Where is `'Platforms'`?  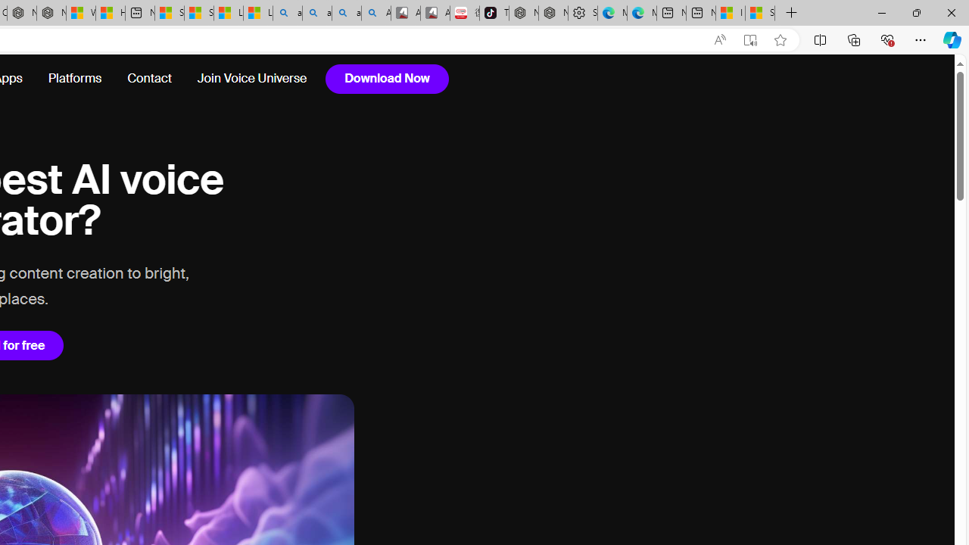 'Platforms' is located at coordinates (74, 79).